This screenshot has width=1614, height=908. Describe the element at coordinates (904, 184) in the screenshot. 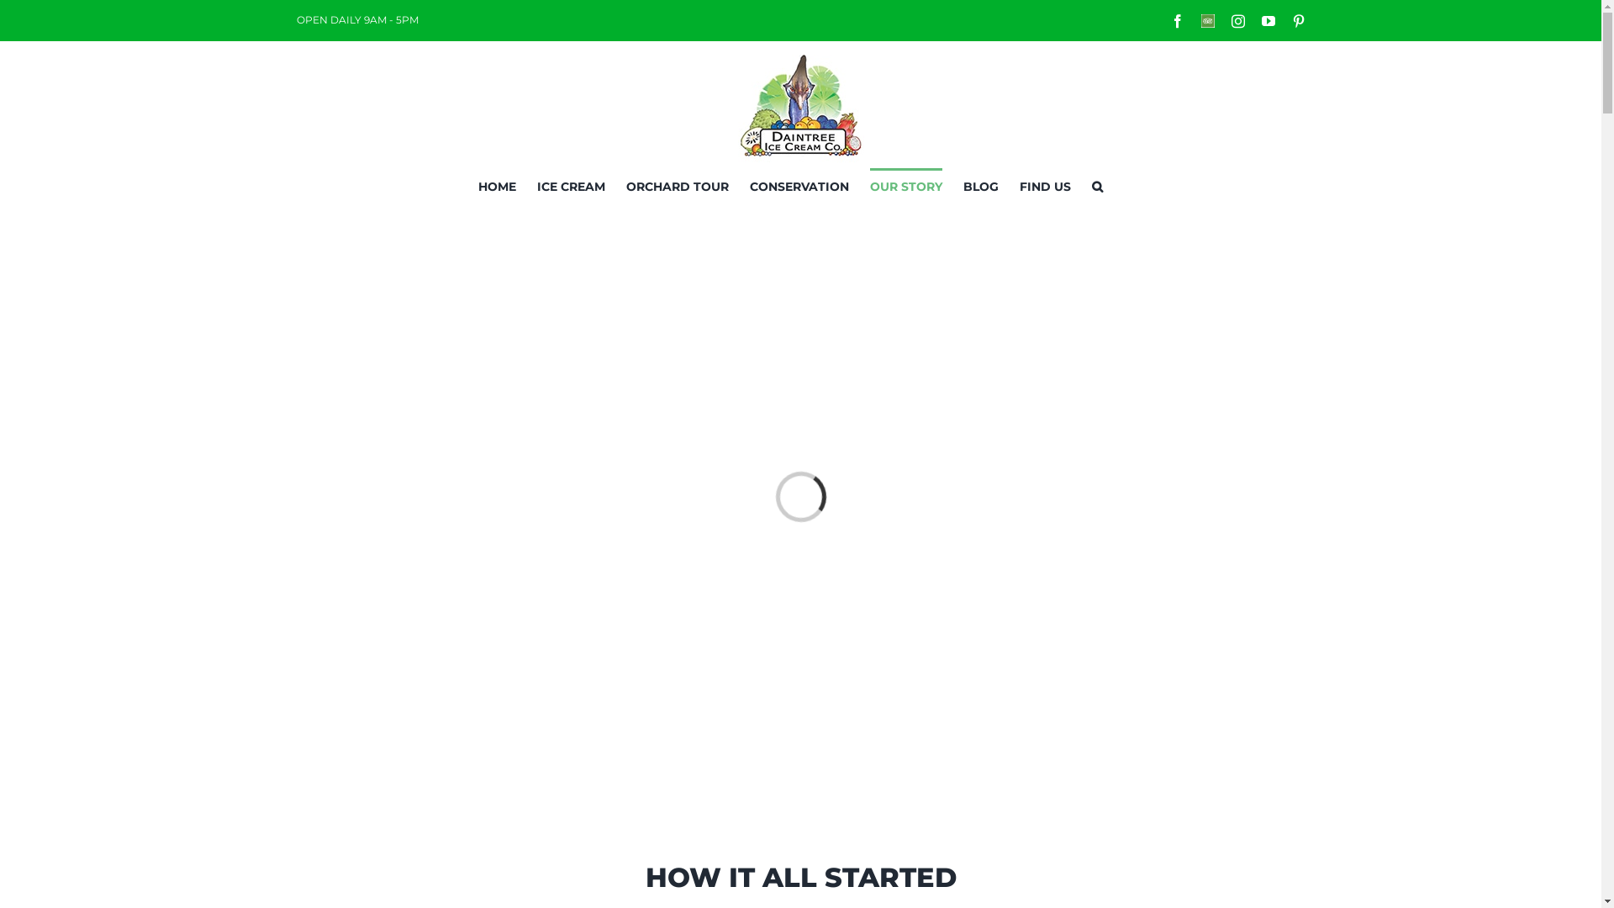

I see `'OUR STORY'` at that location.